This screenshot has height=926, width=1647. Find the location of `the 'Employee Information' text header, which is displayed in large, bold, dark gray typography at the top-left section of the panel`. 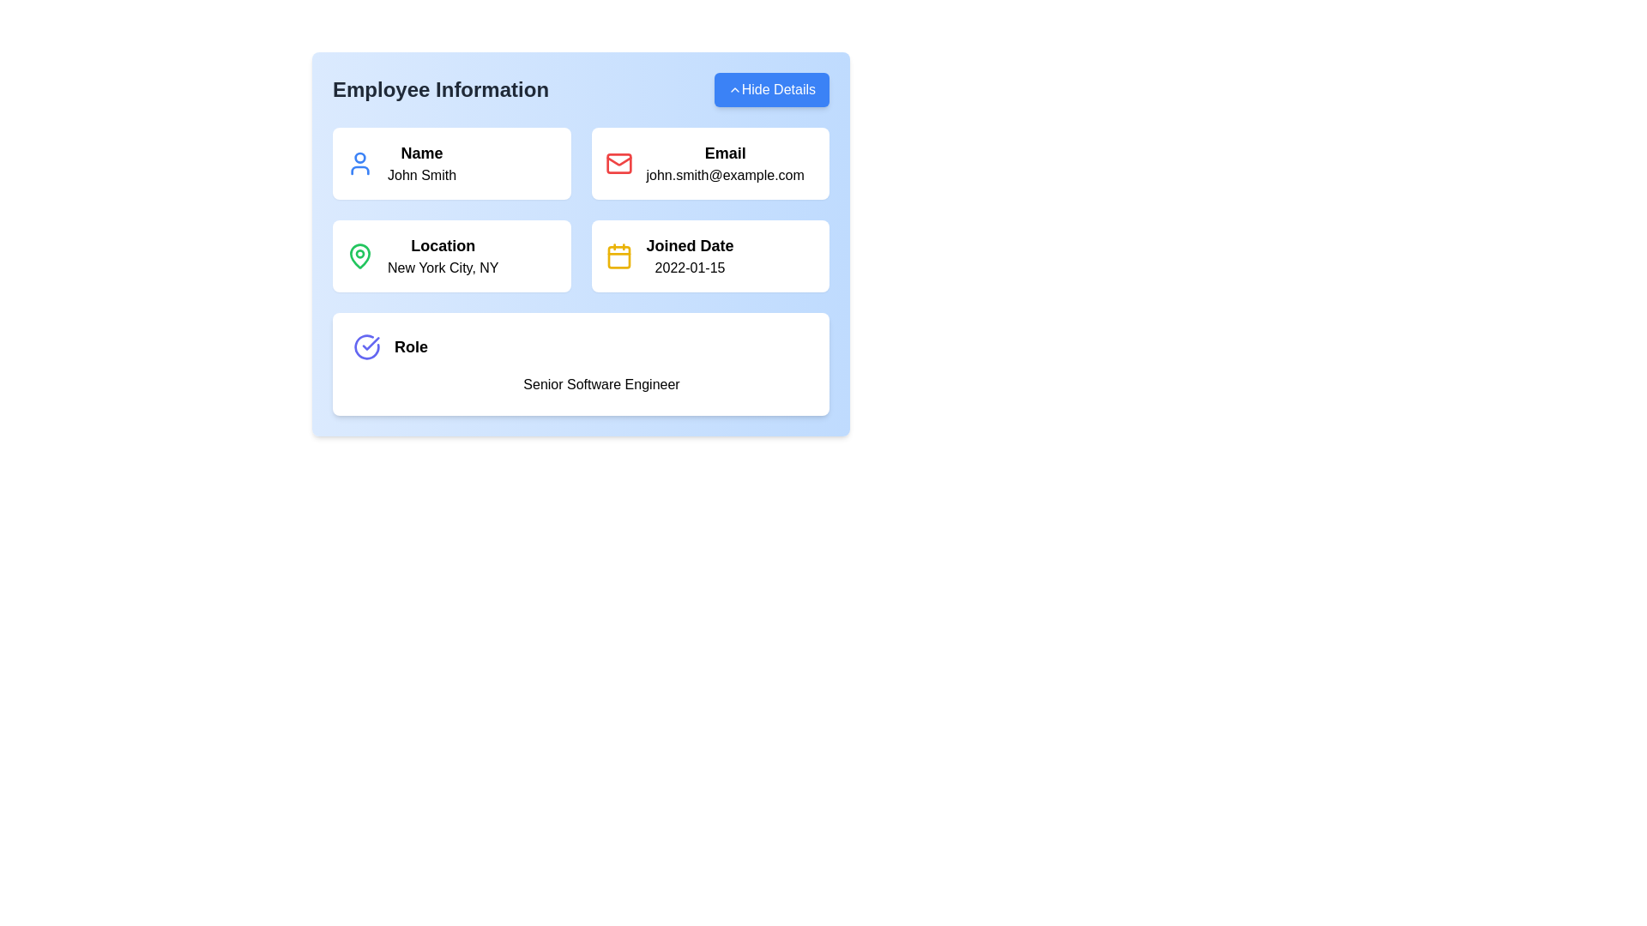

the 'Employee Information' text header, which is displayed in large, bold, dark gray typography at the top-left section of the panel is located at coordinates (440, 89).